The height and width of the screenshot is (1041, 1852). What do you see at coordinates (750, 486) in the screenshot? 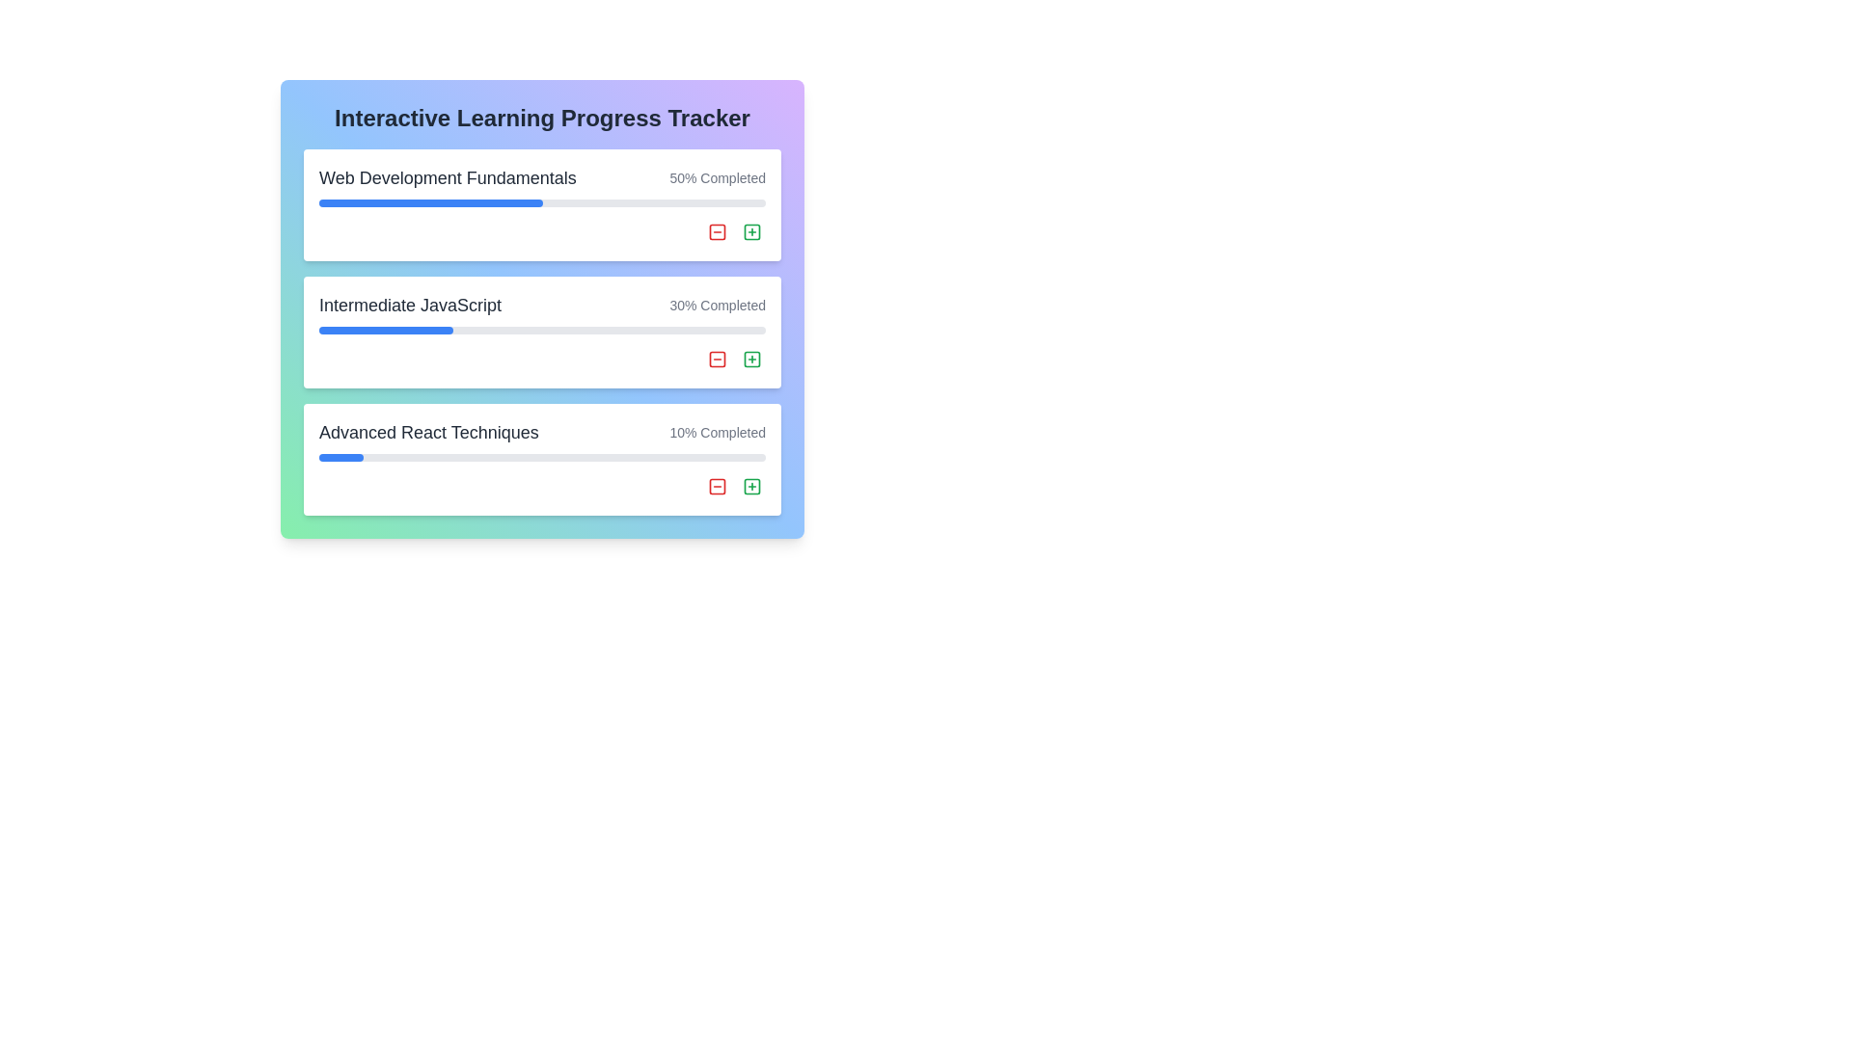
I see `the green outlined button with a plus sign icon located in the bottom-right section of the 'Advanced React Techniques' course card to observe the hover effect` at bounding box center [750, 486].